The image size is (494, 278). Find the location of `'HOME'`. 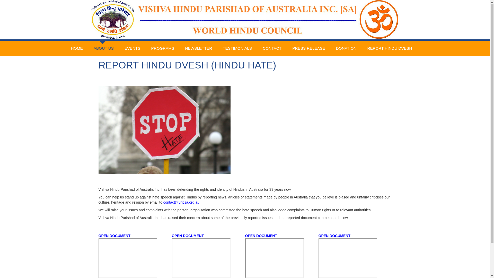

'HOME' is located at coordinates (76, 49).